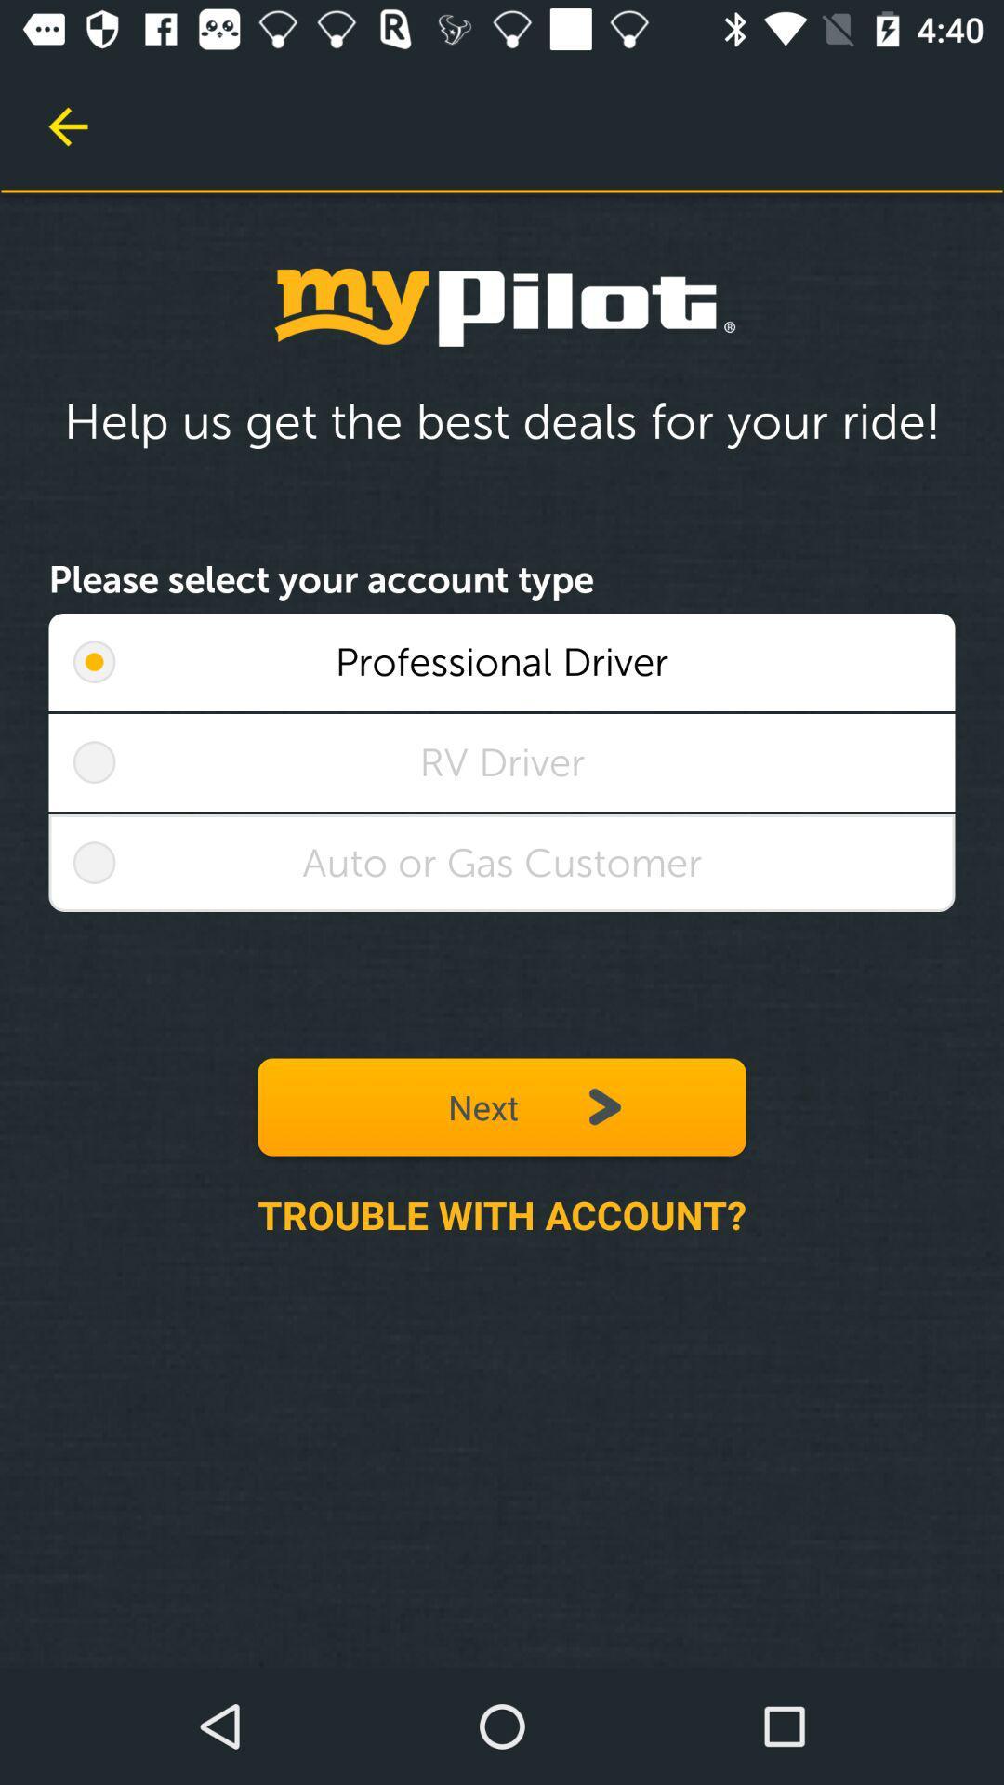  What do you see at coordinates (94, 662) in the screenshot?
I see `the national_flag icon` at bounding box center [94, 662].